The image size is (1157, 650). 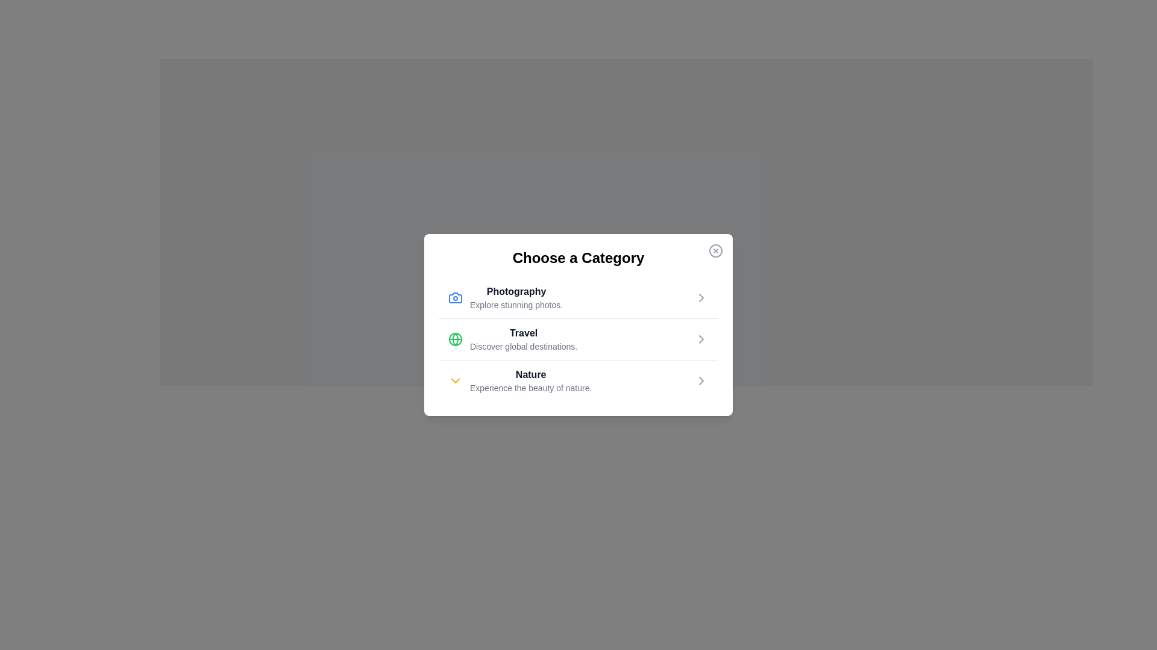 I want to click on the textual label with the title 'Travel' and subtitle 'Discover global destinations.' located in the second row under 'Choose a Category', so click(x=524, y=339).